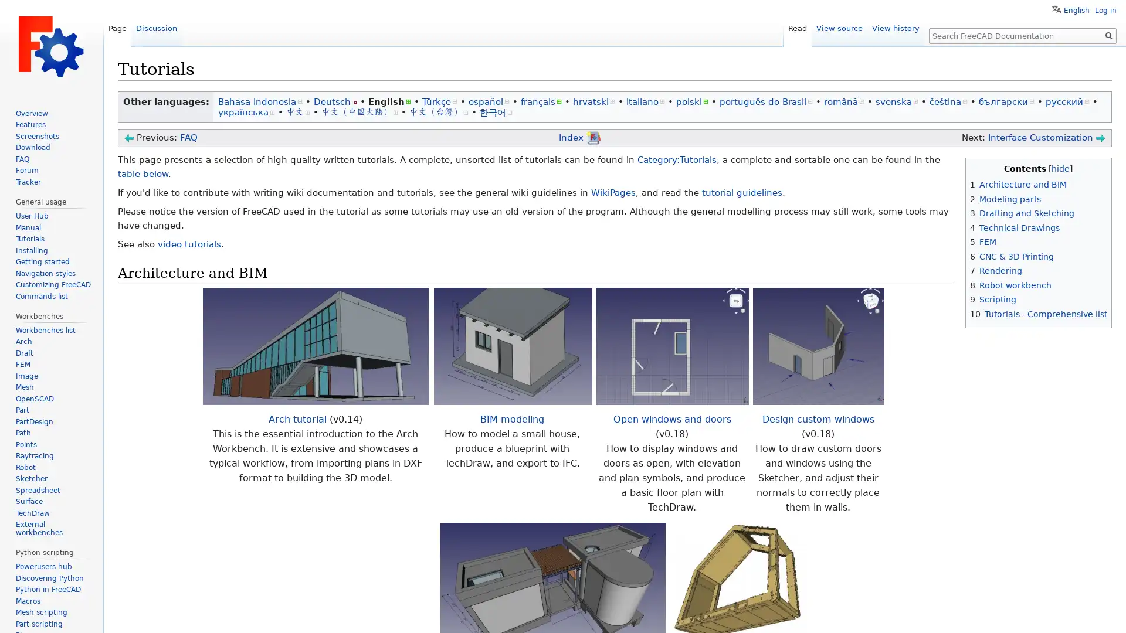  I want to click on Go, so click(1108, 35).